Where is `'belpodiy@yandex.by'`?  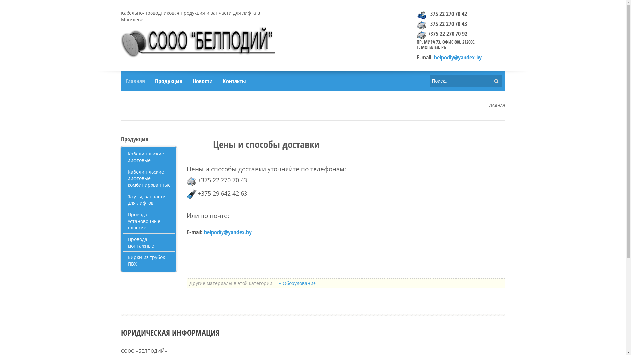 'belpodiy@yandex.by' is located at coordinates (457, 57).